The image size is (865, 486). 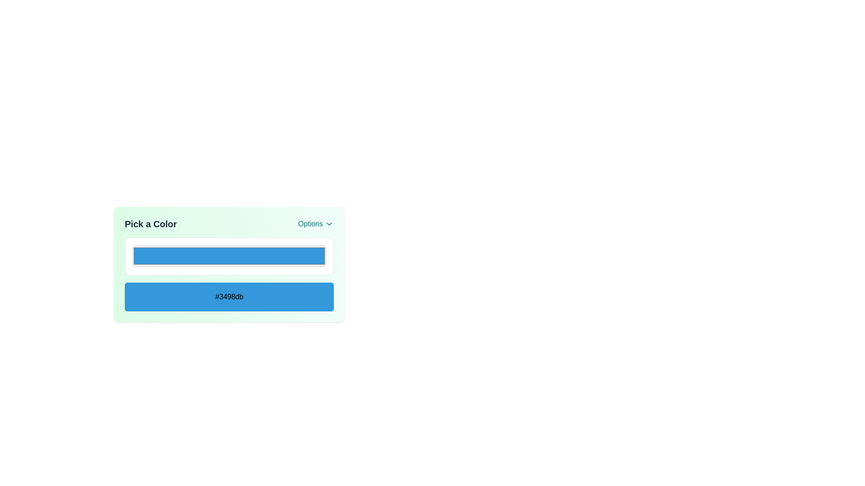 I want to click on the static informational display with a blue background and text '#3498db', positioned at the center with rounded edges and located beneath a white bordered selection box, so click(x=229, y=297).